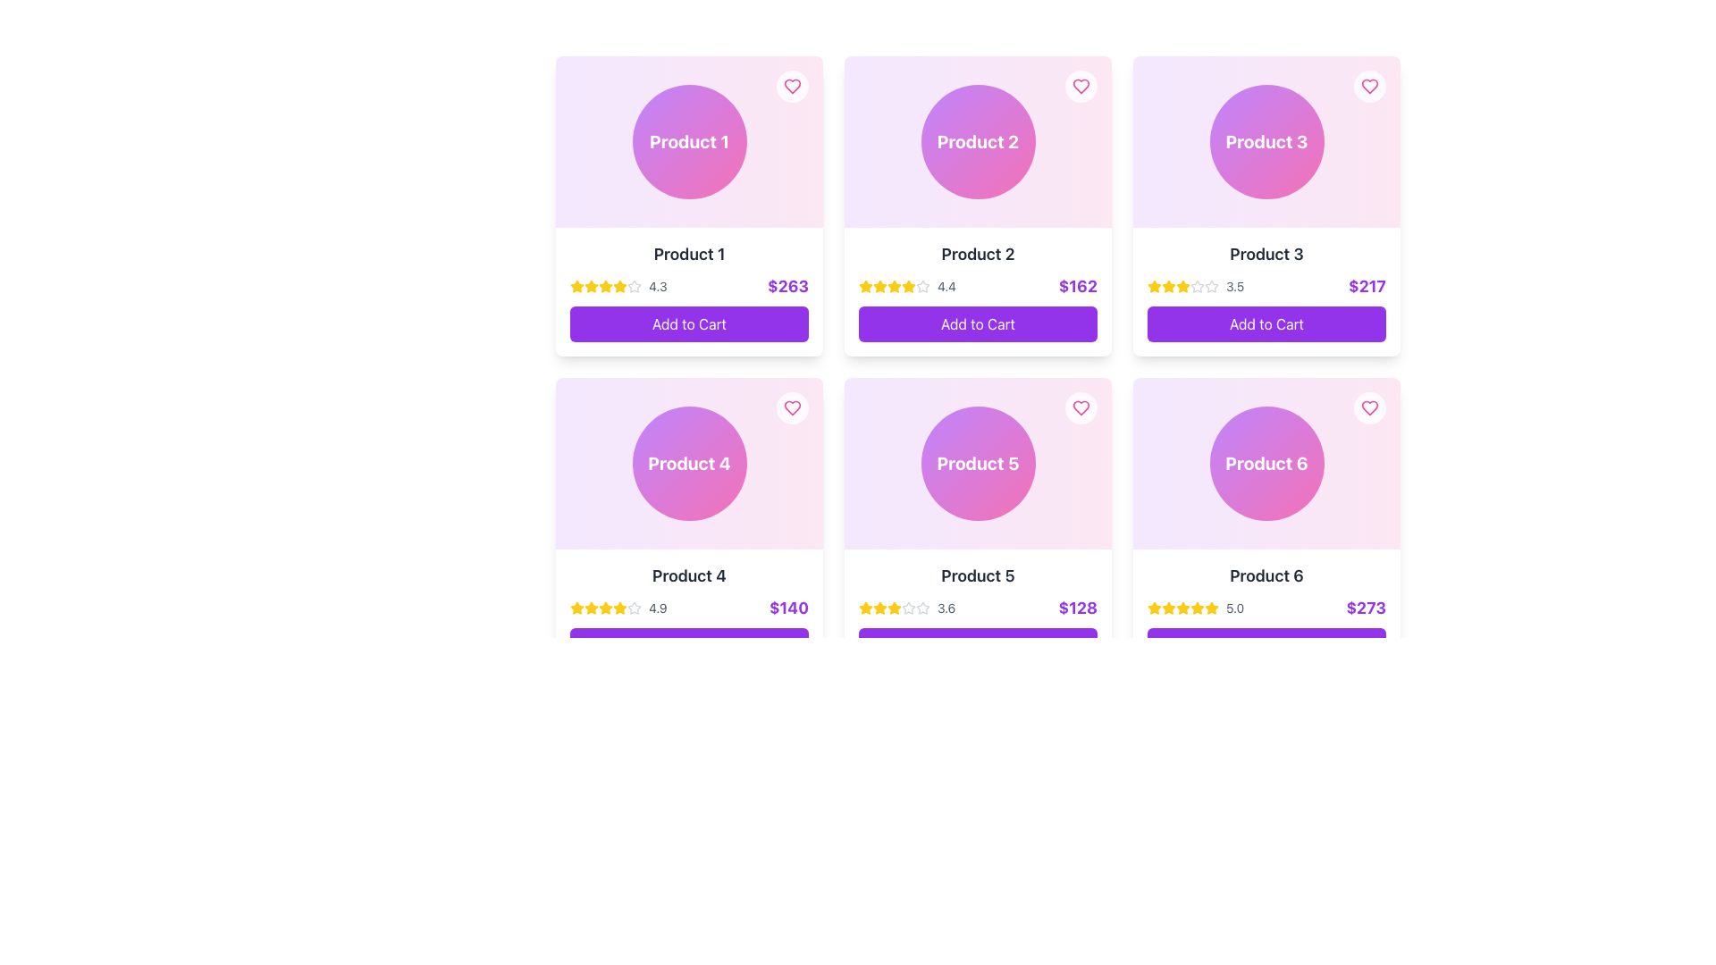  Describe the element at coordinates (977, 463) in the screenshot. I see `the circular visual component representing 'Product 5'` at that location.